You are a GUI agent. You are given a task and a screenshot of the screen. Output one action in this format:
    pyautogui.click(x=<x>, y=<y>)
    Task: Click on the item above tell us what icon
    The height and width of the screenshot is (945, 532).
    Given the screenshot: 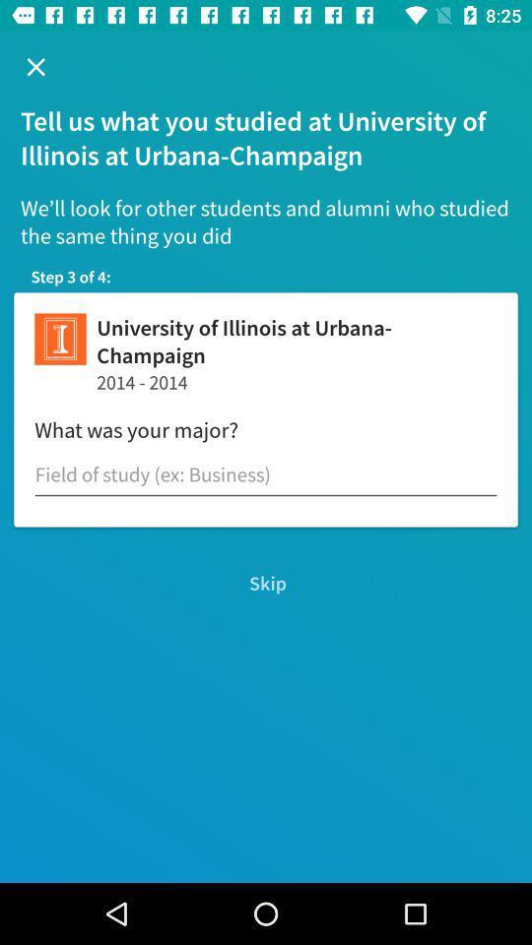 What is the action you would take?
    pyautogui.click(x=35, y=67)
    